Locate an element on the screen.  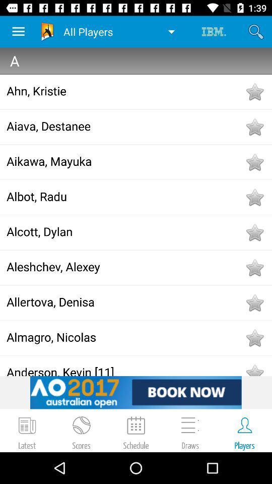
the player is located at coordinates (254, 127).